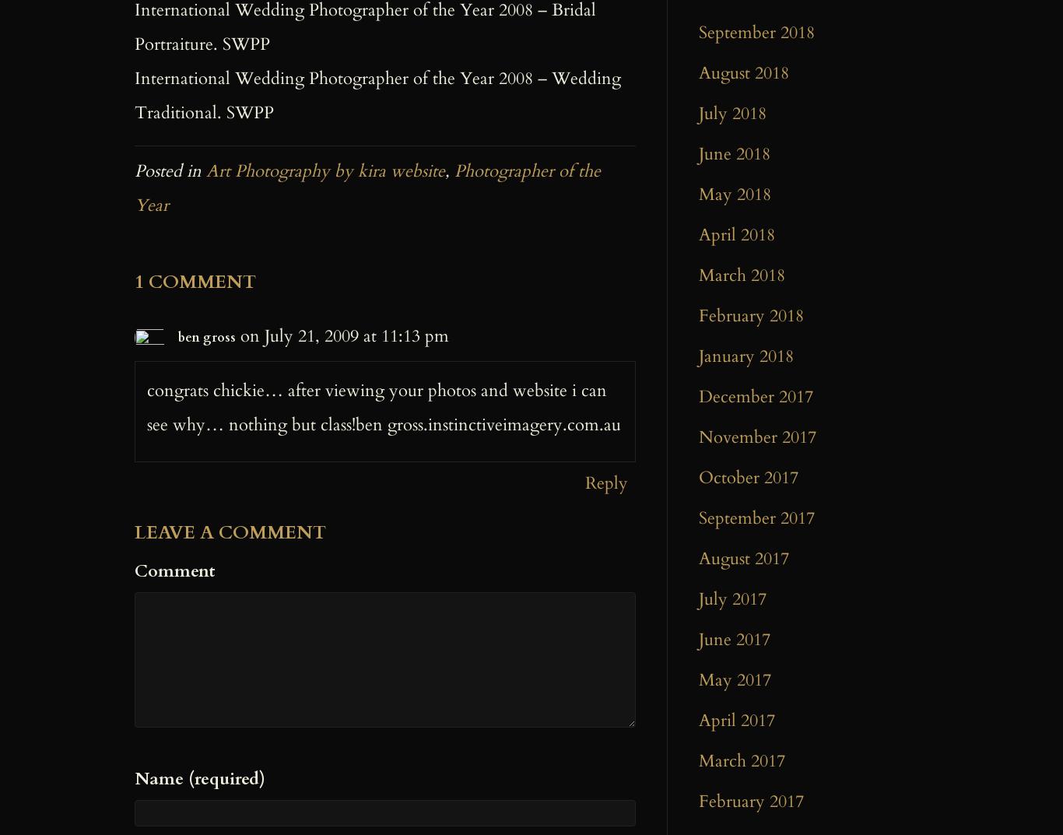 The image size is (1063, 835). What do you see at coordinates (737, 235) in the screenshot?
I see `'April 2018'` at bounding box center [737, 235].